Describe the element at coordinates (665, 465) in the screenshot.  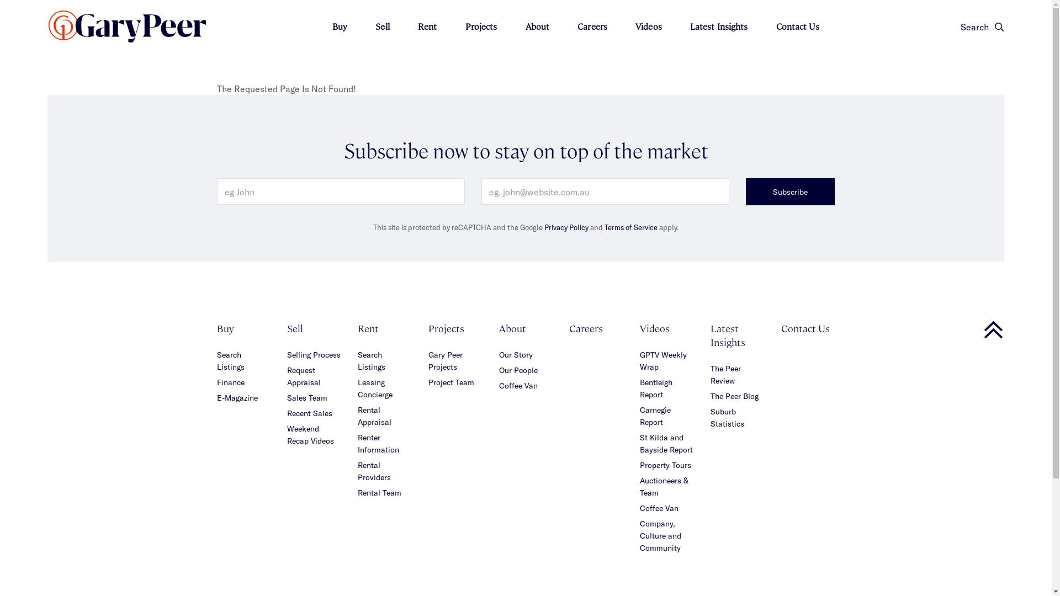
I see `'Property Tours'` at that location.